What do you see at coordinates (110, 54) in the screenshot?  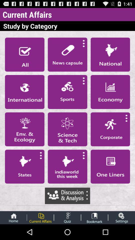 I see `opens the national category` at bounding box center [110, 54].